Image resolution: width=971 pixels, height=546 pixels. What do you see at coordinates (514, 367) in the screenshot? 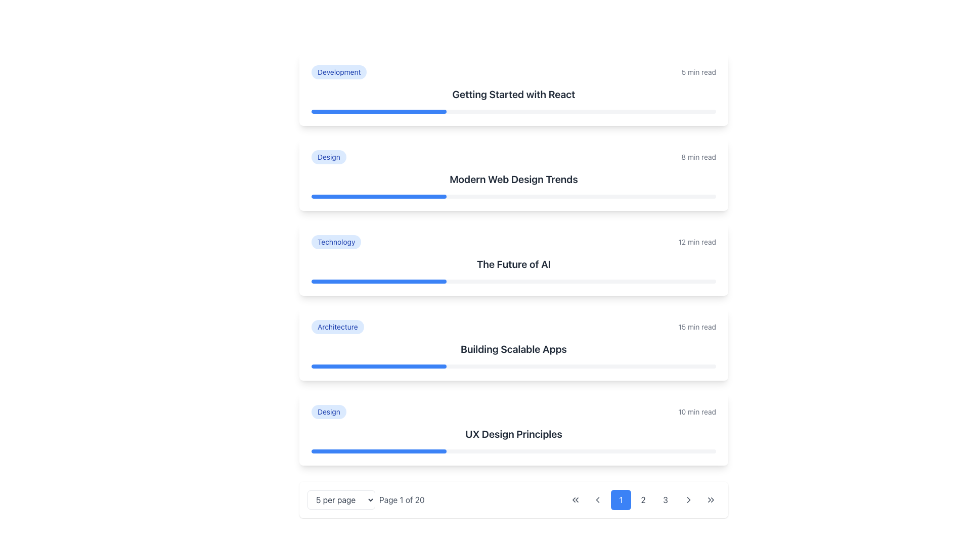
I see `the horizontal progress bar styled with a light gray background and blue progress indicator, located beneath the heading 'Building Scalable Apps'` at bounding box center [514, 367].